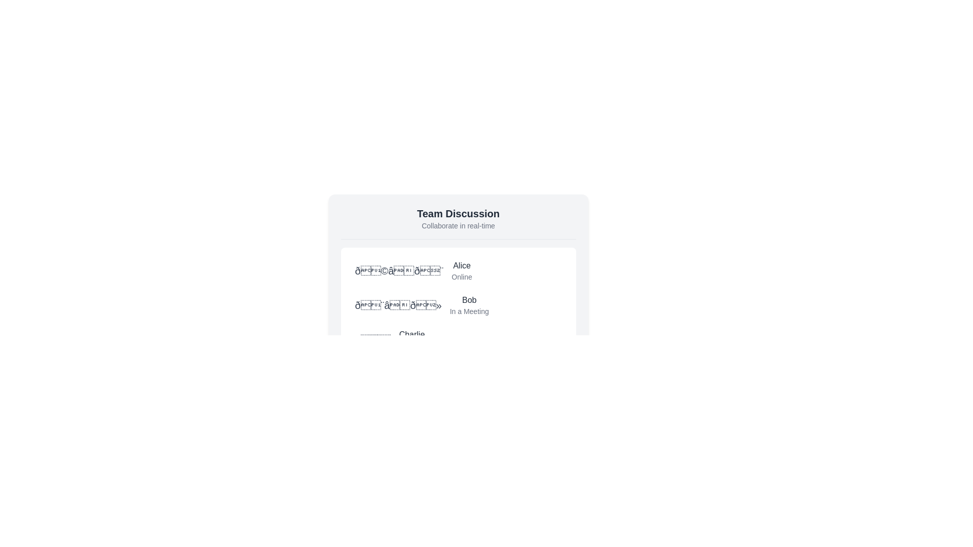  I want to click on the 'Online' text label element, which is styled in gray and positioned below 'Alice' in the 'Team Discussion' panel, so click(461, 277).